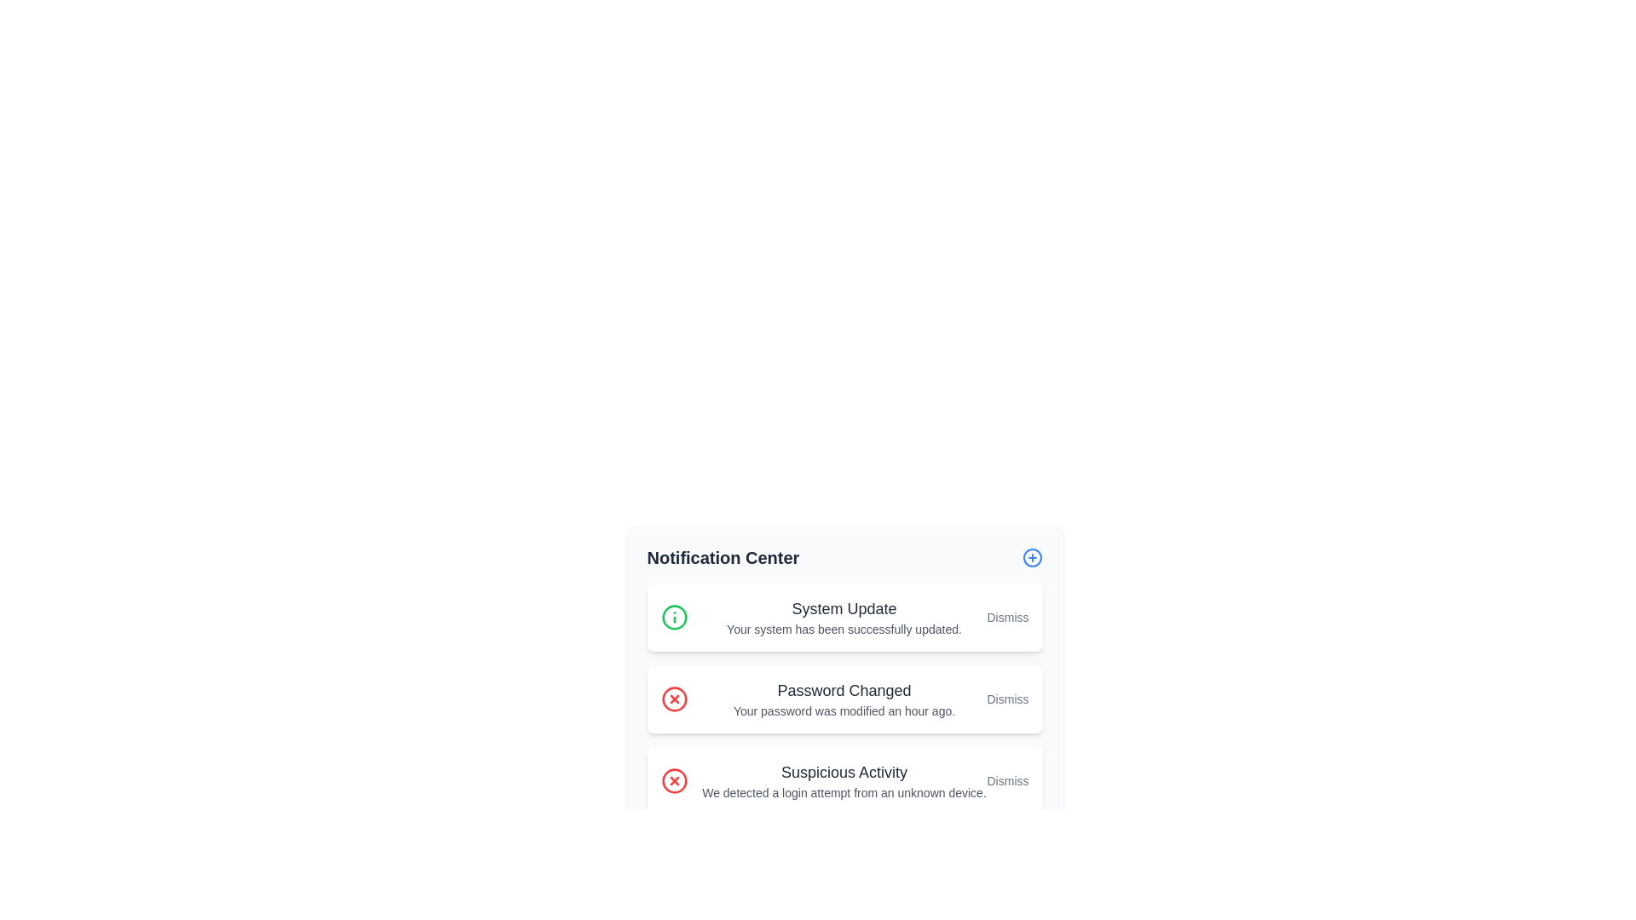 This screenshot has height=920, width=1636. What do you see at coordinates (844, 679) in the screenshot?
I see `the second notification card titled 'Password Changed' in the 'Notification Center'` at bounding box center [844, 679].